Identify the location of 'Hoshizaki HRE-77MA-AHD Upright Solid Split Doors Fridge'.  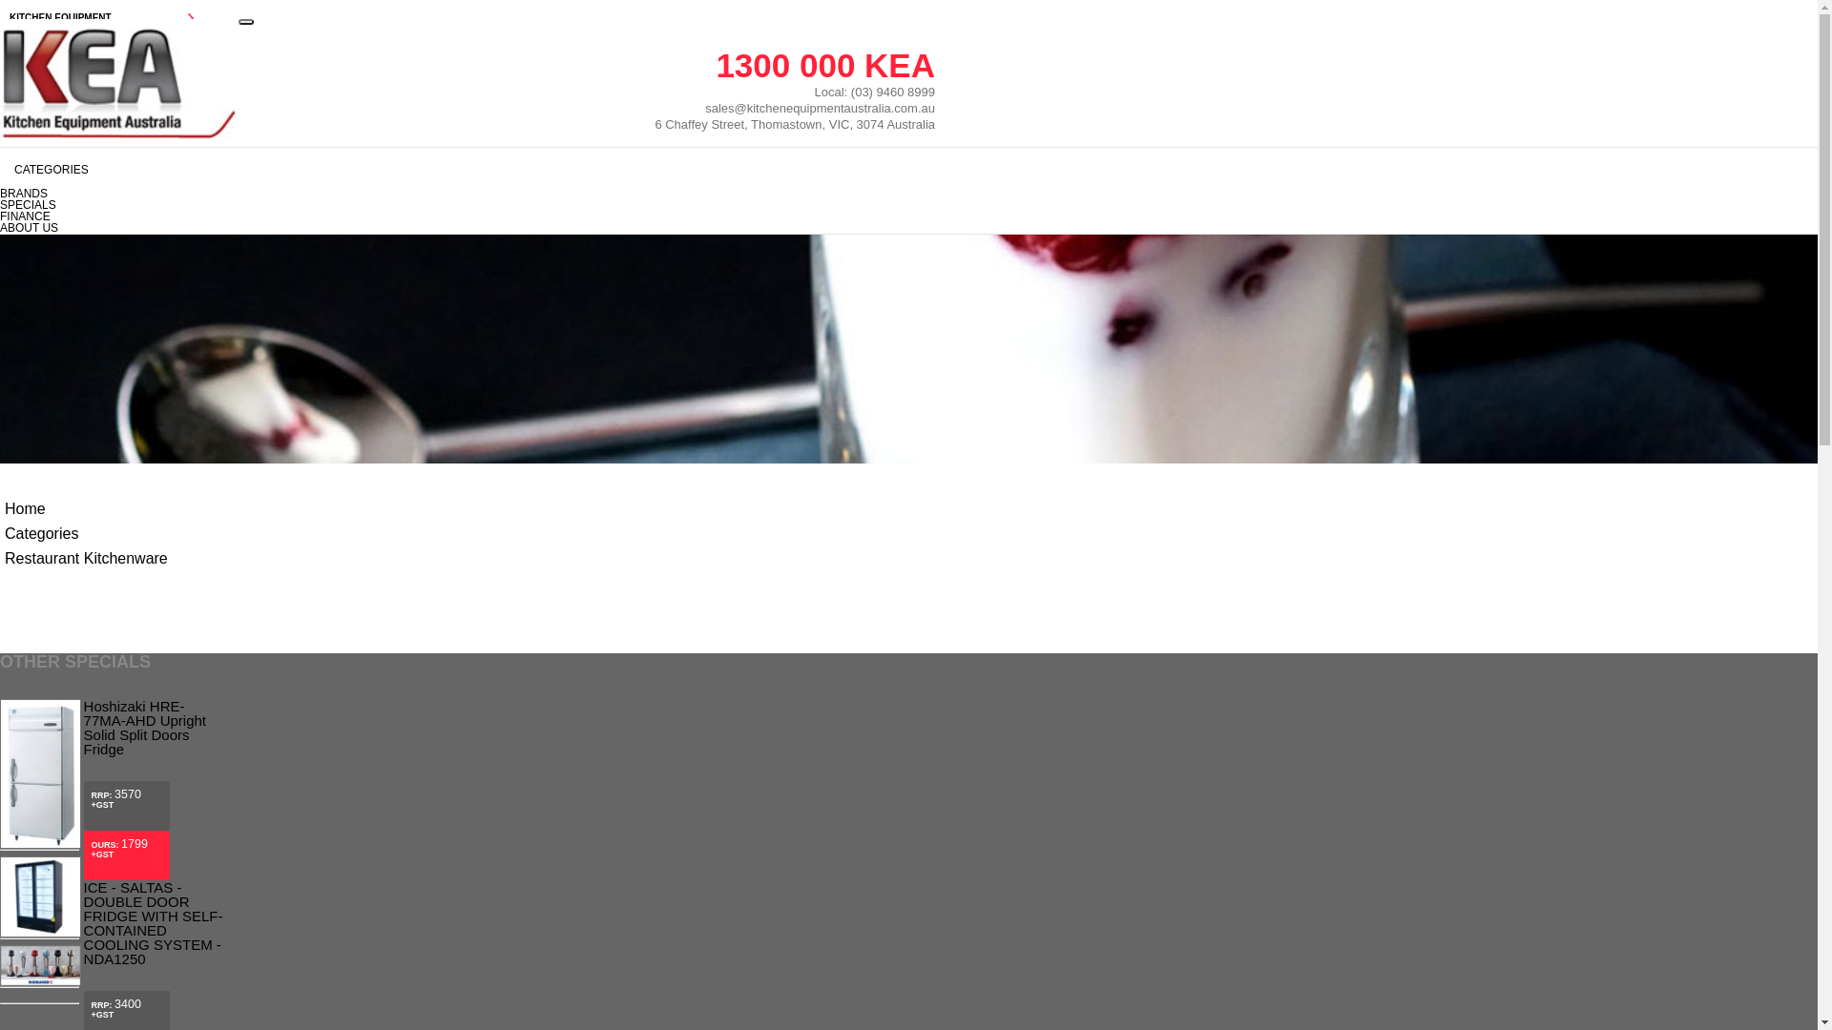
(151, 728).